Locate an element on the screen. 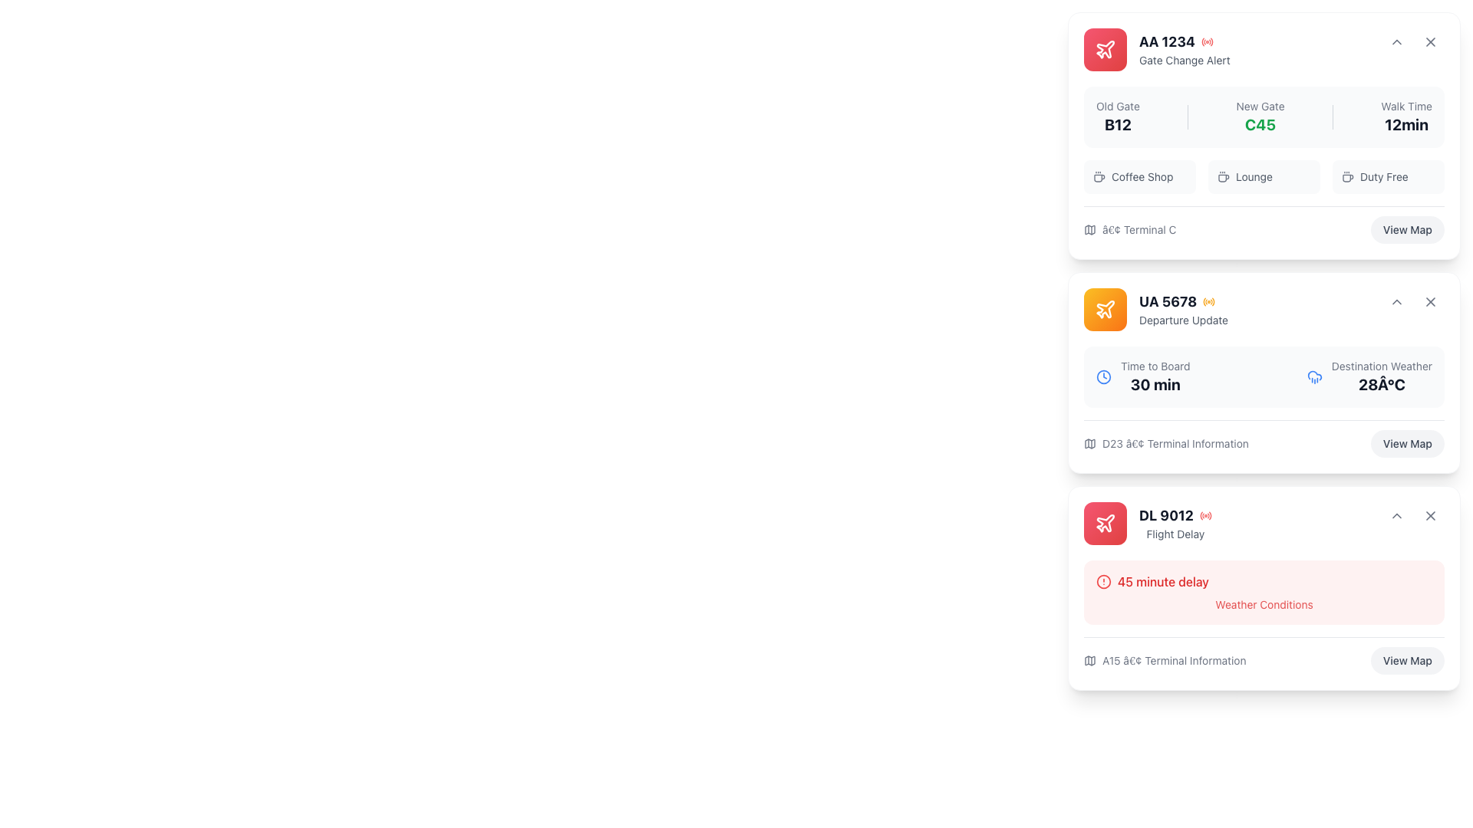  the text indicating 'A15' located in the lower section of the third information card, positioned to the right of the map icon is located at coordinates (1173, 659).